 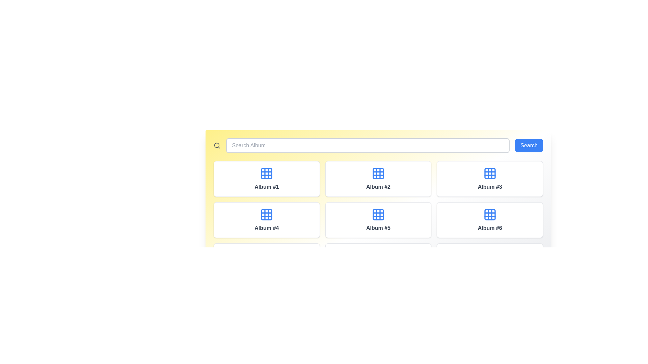 What do you see at coordinates (529, 145) in the screenshot?
I see `the blue 'Search' button with rounded corners` at bounding box center [529, 145].